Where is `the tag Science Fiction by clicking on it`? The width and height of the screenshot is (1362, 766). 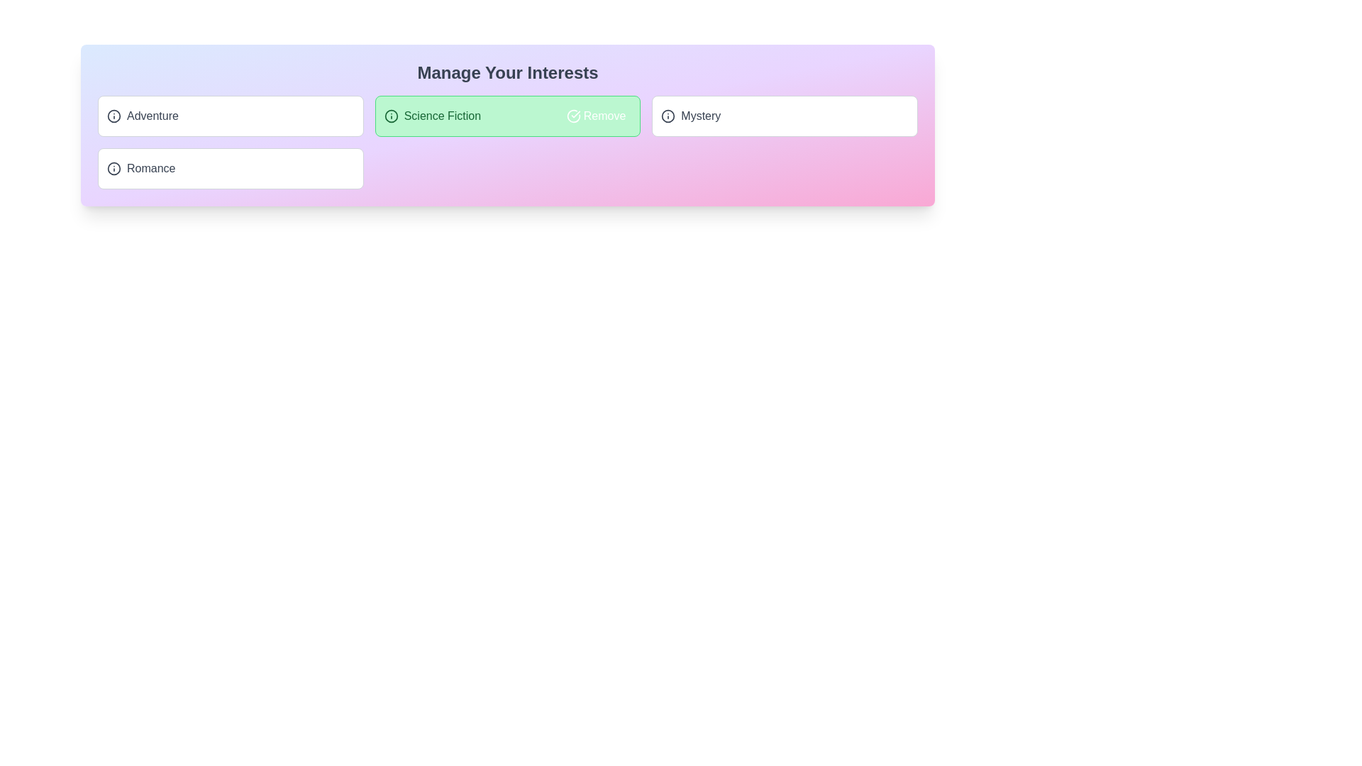
the tag Science Fiction by clicking on it is located at coordinates (507, 116).